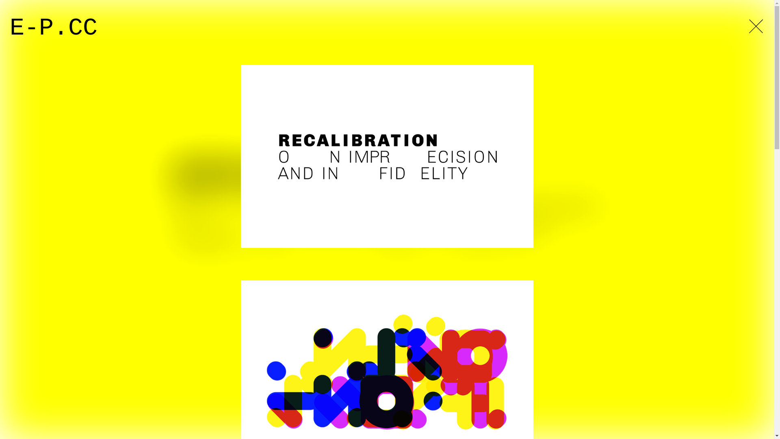 The width and height of the screenshot is (780, 439). What do you see at coordinates (53, 28) in the screenshot?
I see `'E-P.CC'` at bounding box center [53, 28].